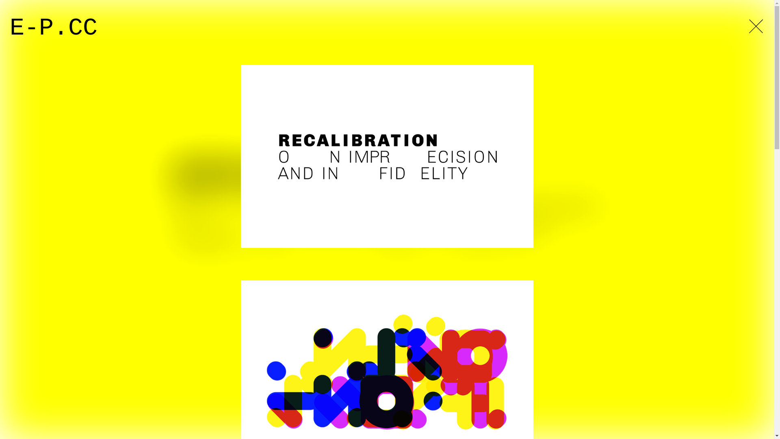 The width and height of the screenshot is (780, 439). What do you see at coordinates (53, 28) in the screenshot?
I see `'E-P.CC'` at bounding box center [53, 28].